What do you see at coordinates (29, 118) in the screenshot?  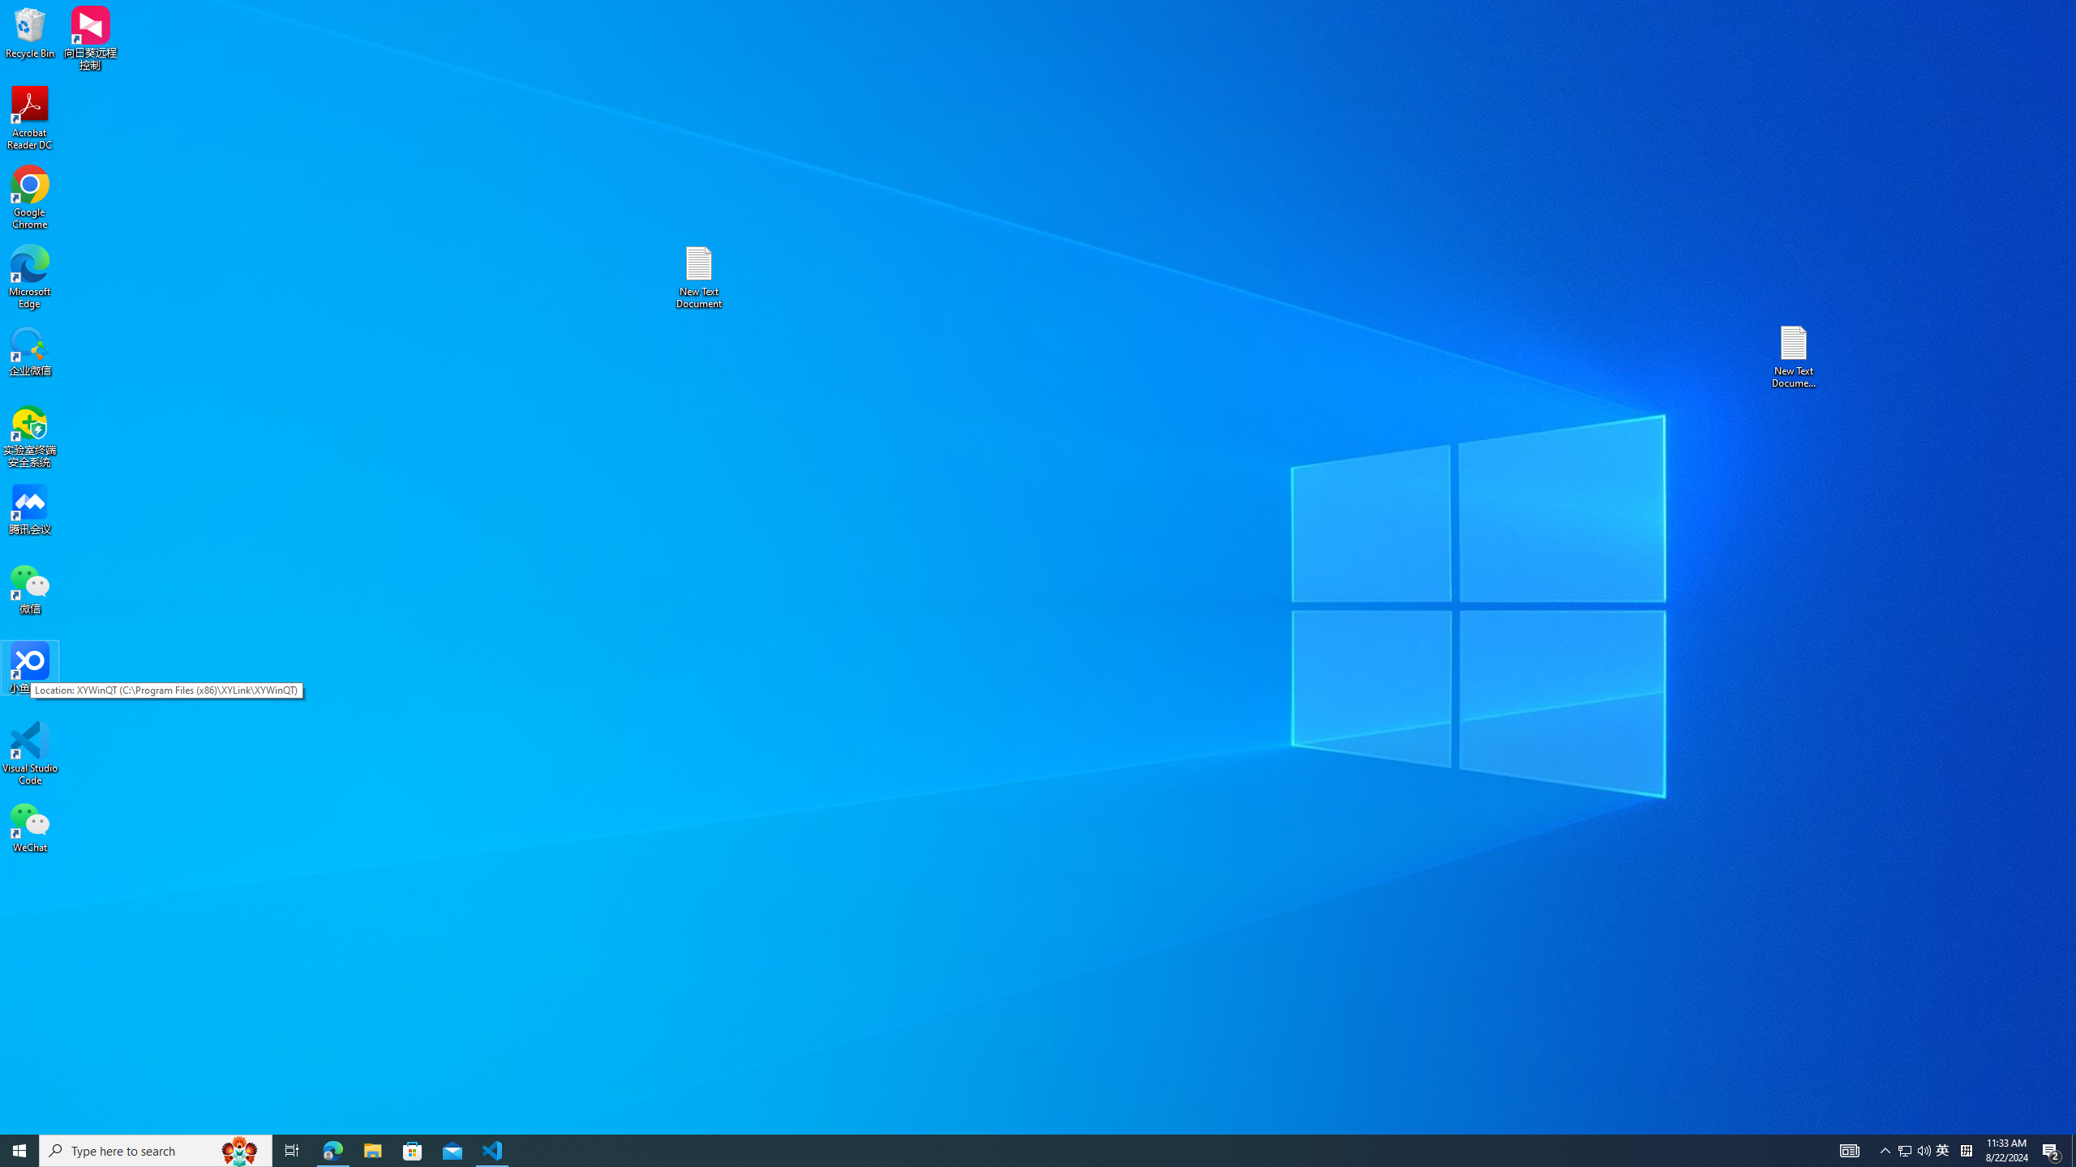 I see `'Acrobat Reader DC'` at bounding box center [29, 118].